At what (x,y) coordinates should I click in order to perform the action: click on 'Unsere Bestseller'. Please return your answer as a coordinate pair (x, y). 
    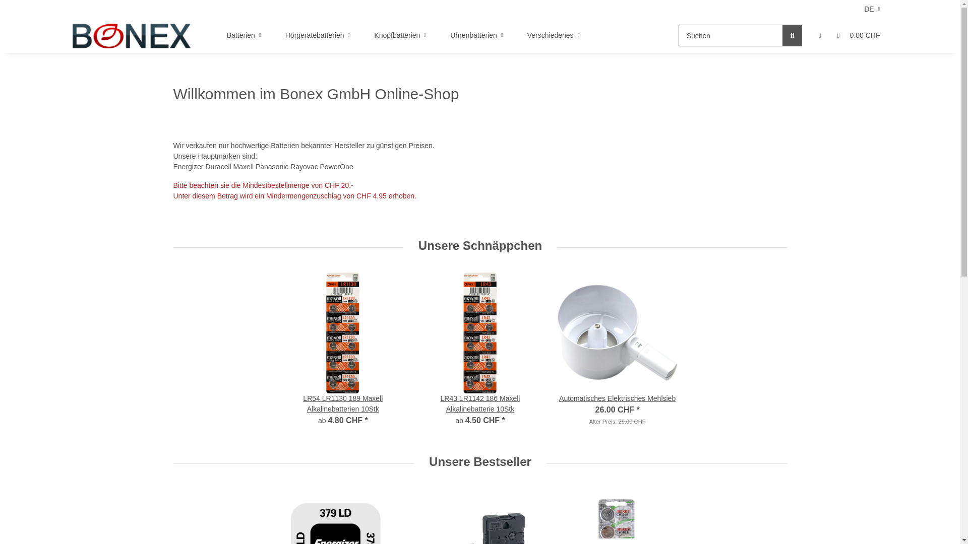
    Looking at the image, I should click on (479, 463).